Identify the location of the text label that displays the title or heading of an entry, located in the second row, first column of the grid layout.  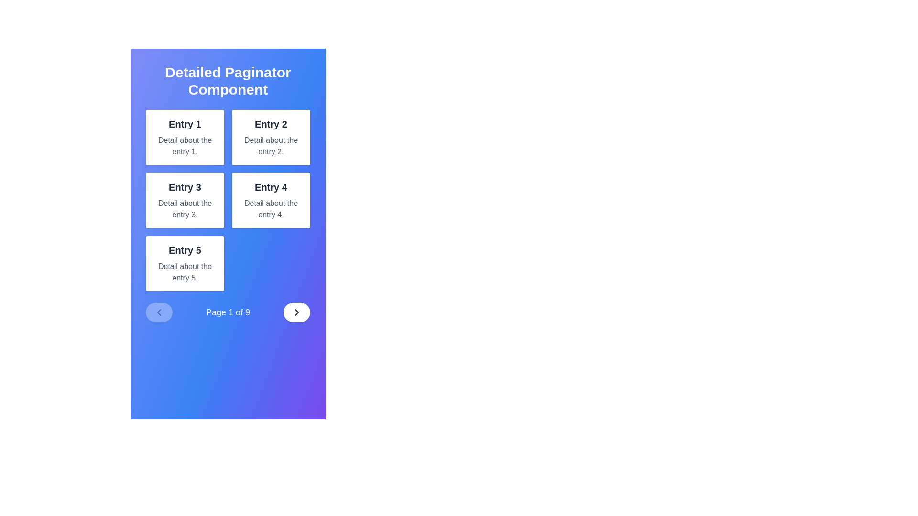
(185, 187).